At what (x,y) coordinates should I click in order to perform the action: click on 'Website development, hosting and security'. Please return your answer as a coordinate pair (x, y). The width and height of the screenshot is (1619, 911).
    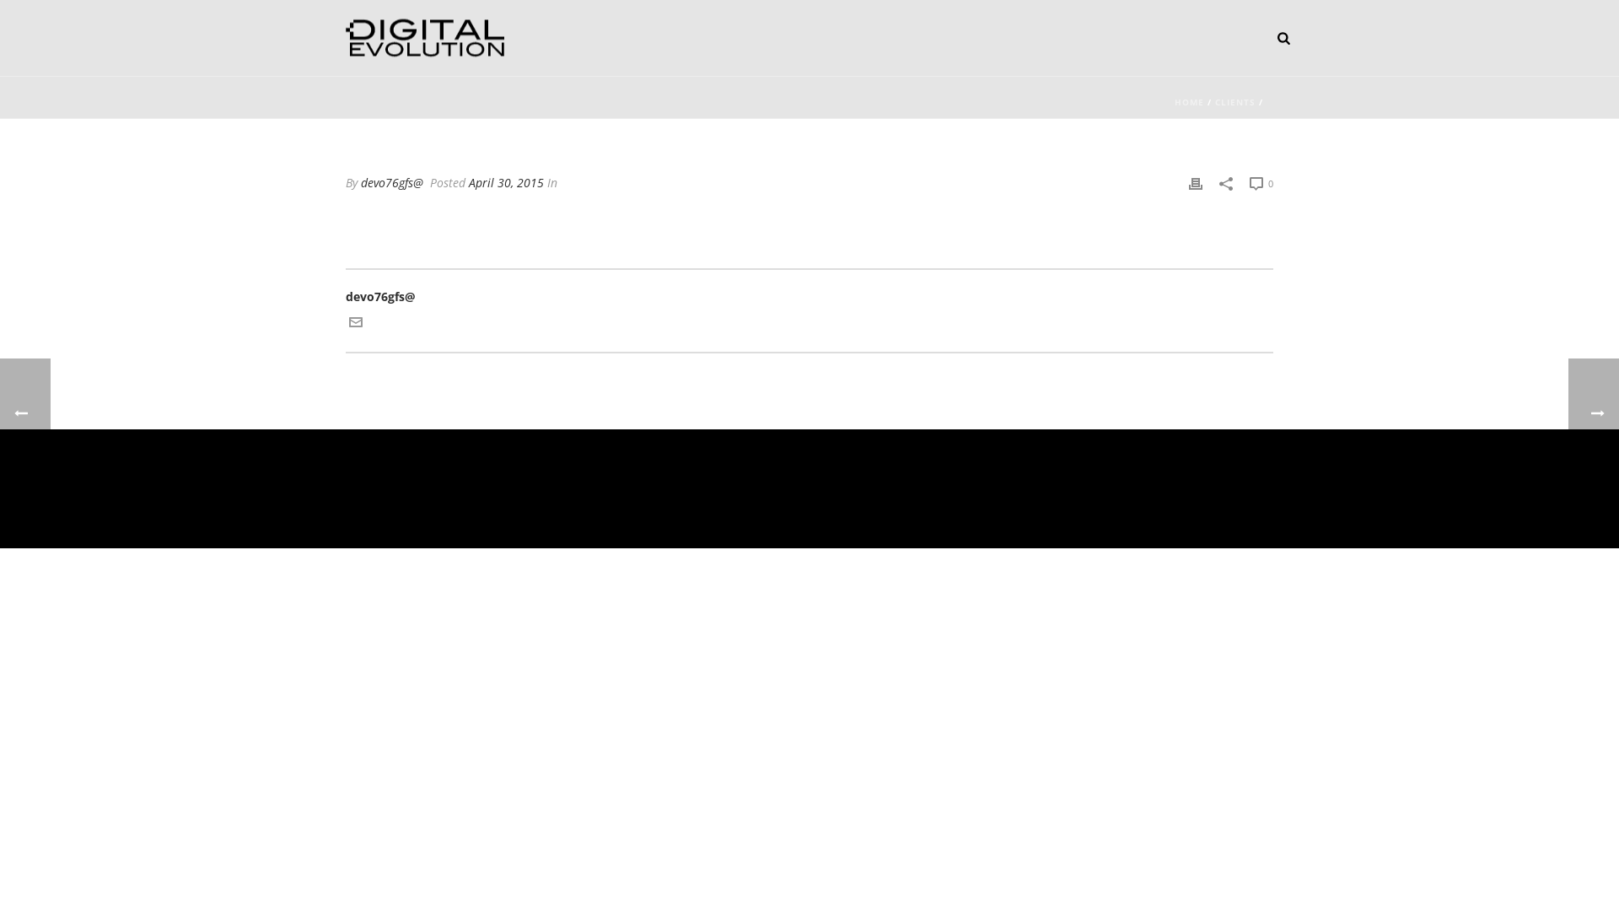
    Looking at the image, I should click on (425, 37).